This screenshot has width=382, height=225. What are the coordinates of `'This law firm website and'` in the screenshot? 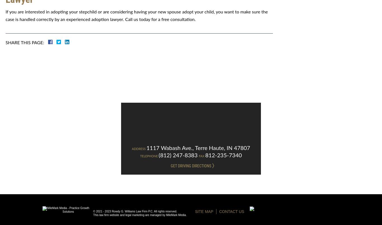 It's located at (109, 215).